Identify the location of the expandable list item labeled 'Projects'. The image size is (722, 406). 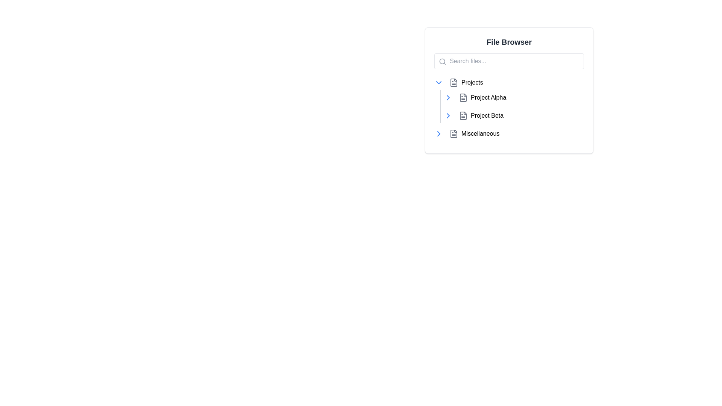
(509, 82).